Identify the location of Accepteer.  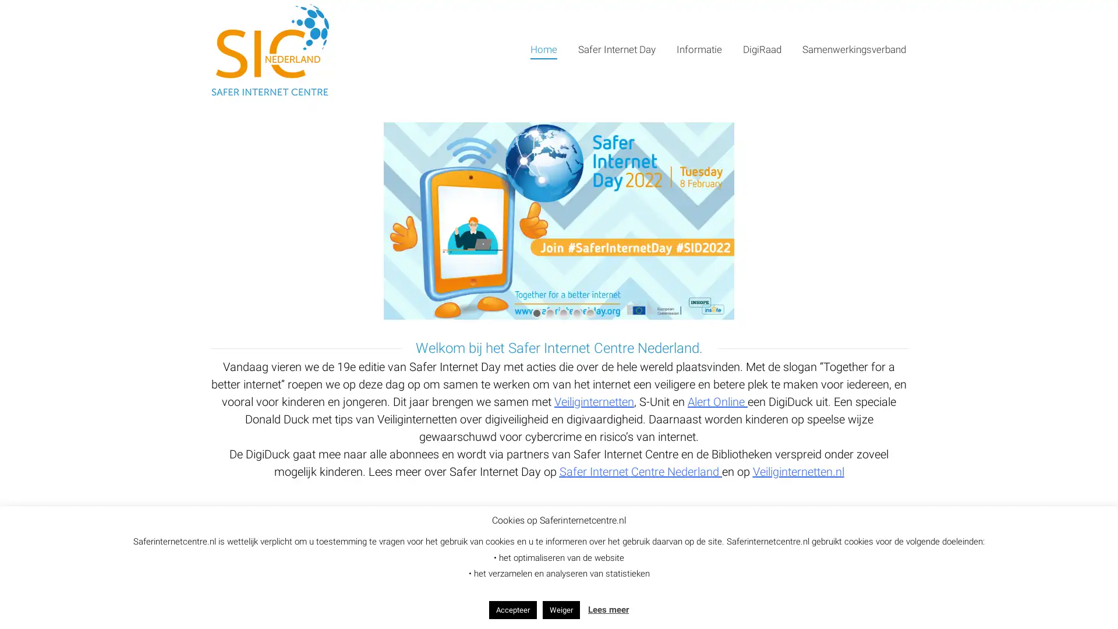
(512, 609).